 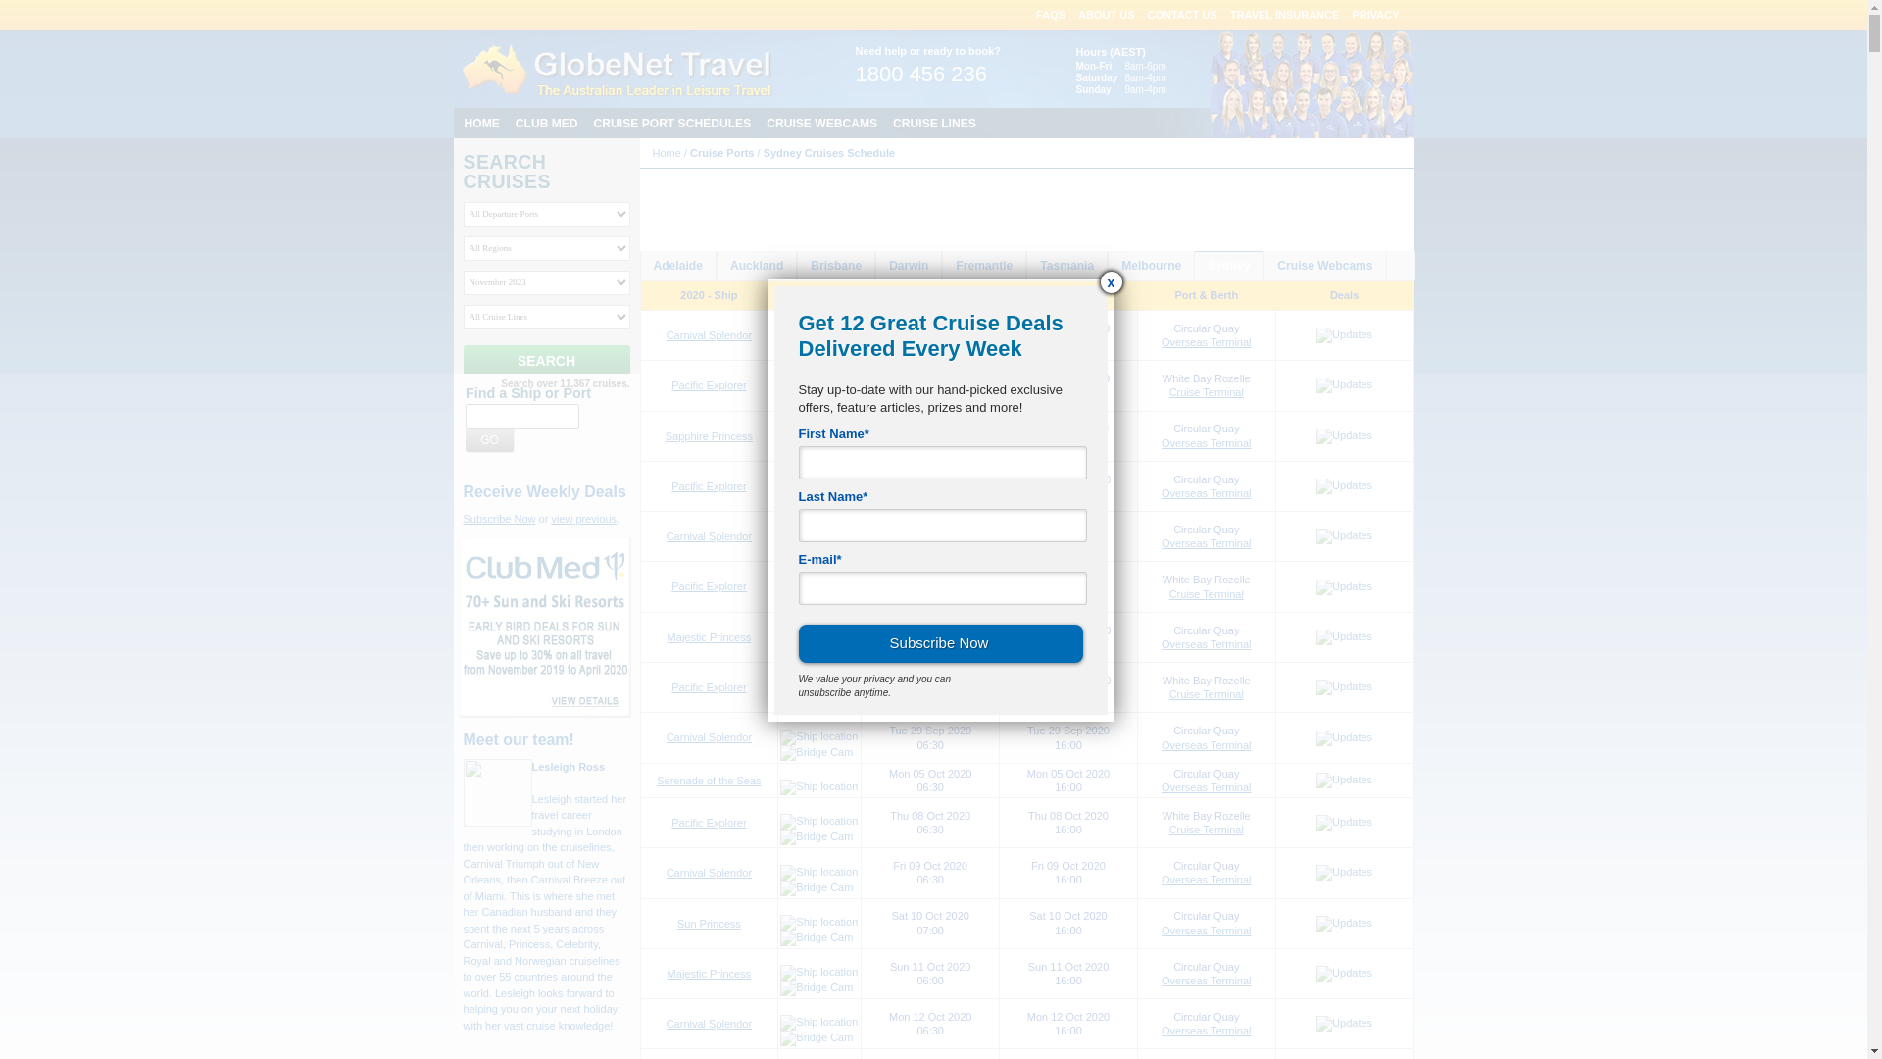 I want to click on 'Bridge Cam', so click(x=817, y=551).